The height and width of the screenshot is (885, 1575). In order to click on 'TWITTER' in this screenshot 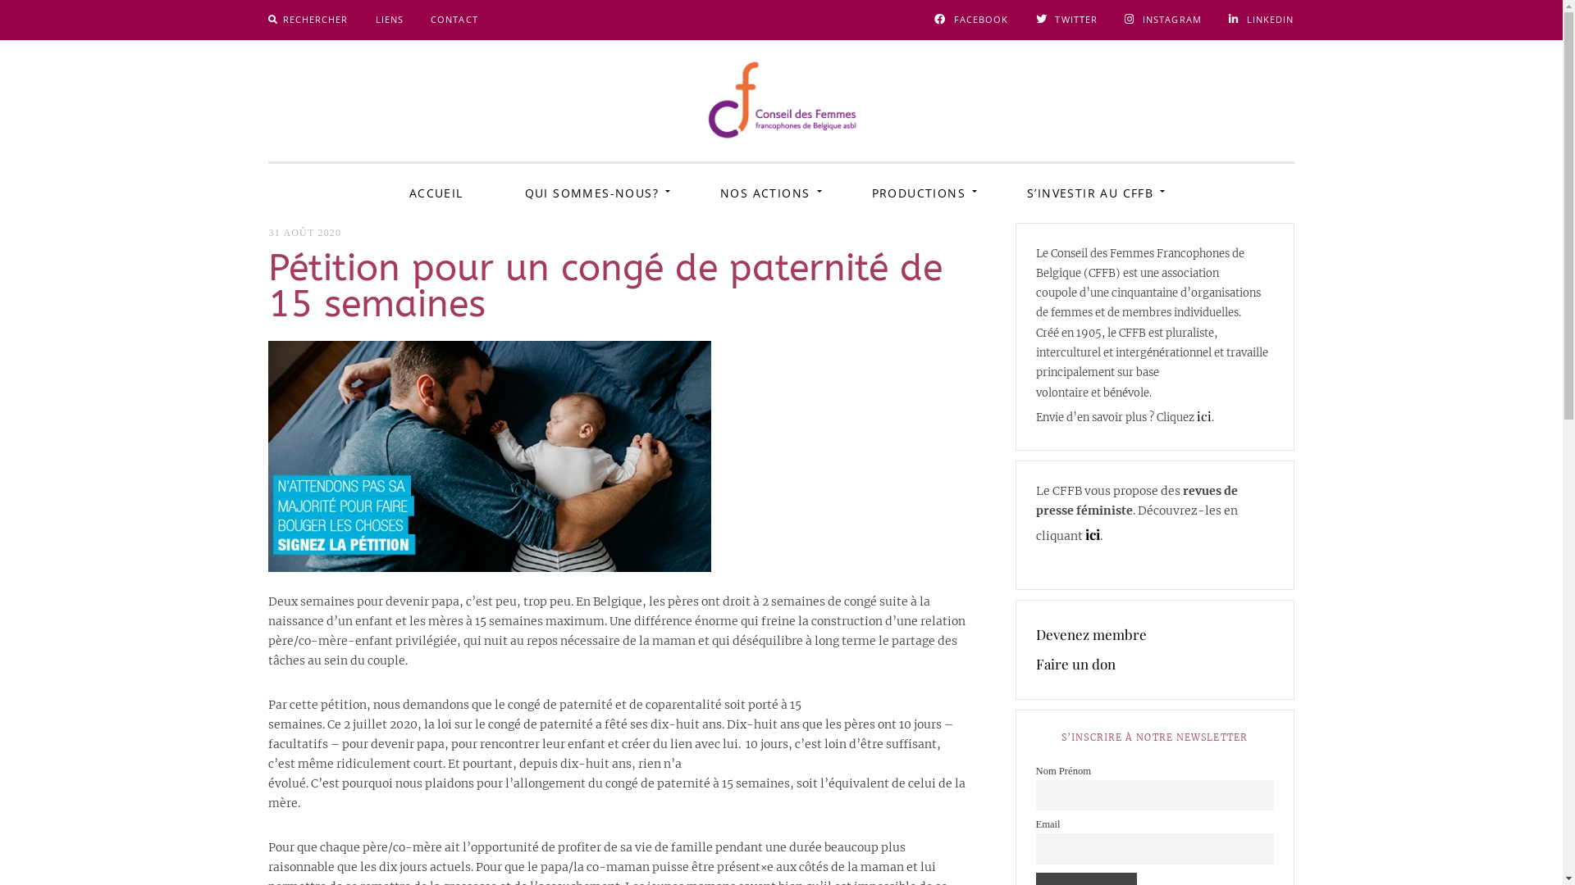, I will do `click(1066, 20)`.